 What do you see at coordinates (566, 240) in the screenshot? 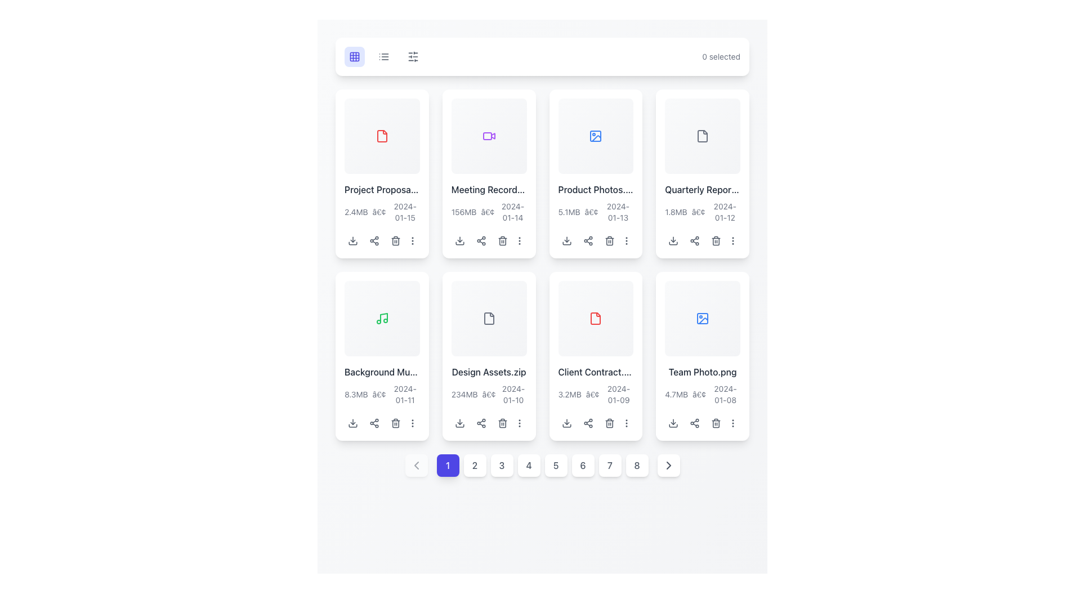
I see `the download button icon for the file 'Product Photos.jpg'` at bounding box center [566, 240].